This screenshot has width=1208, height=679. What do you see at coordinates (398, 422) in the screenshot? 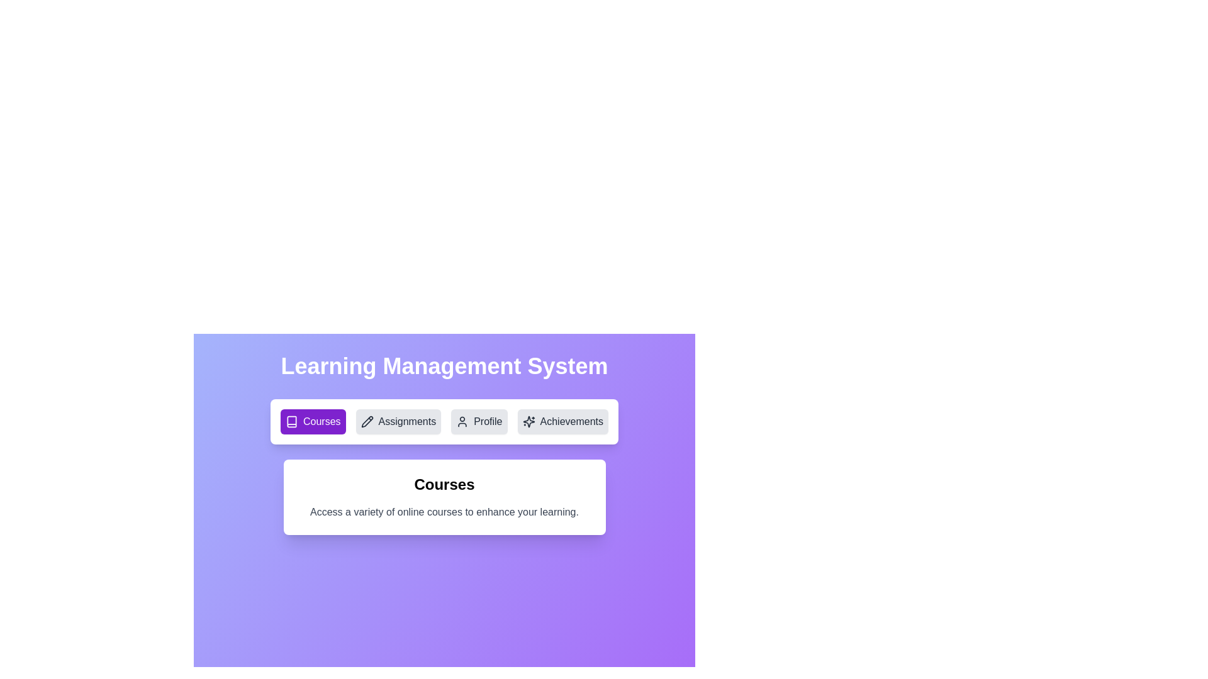
I see `the Assignments tab by clicking its button` at bounding box center [398, 422].